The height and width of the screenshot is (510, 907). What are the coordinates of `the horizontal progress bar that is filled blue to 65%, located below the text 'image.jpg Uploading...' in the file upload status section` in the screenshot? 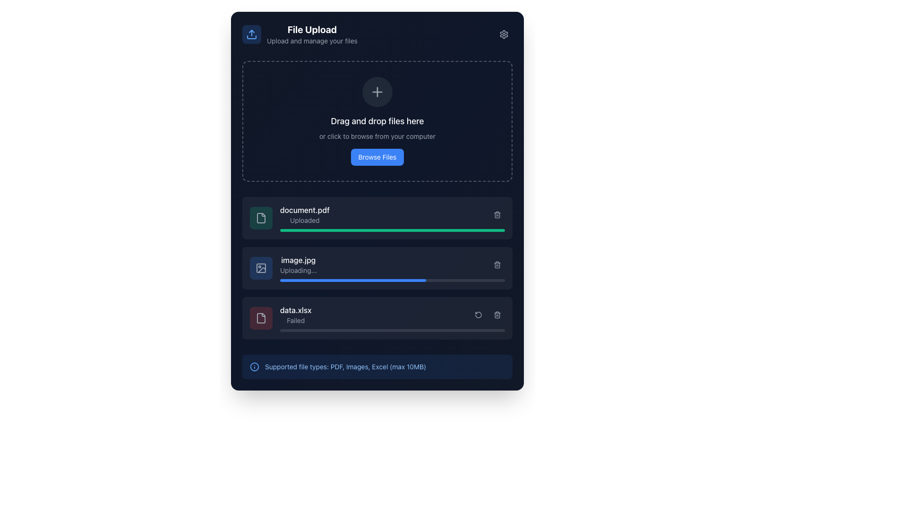 It's located at (392, 280).